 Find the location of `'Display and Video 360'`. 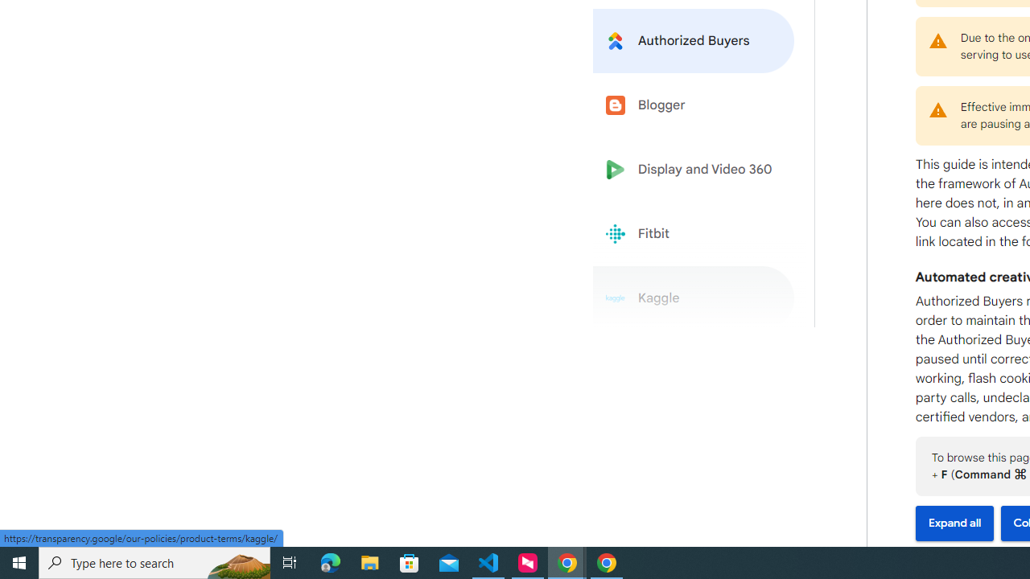

'Display and Video 360' is located at coordinates (694, 170).